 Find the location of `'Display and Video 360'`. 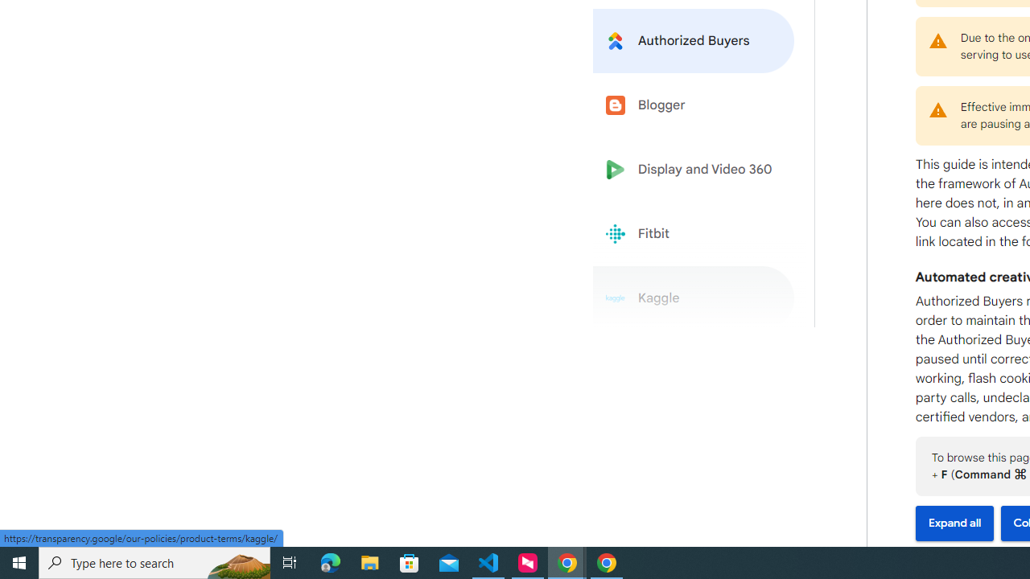

'Display and Video 360' is located at coordinates (694, 170).